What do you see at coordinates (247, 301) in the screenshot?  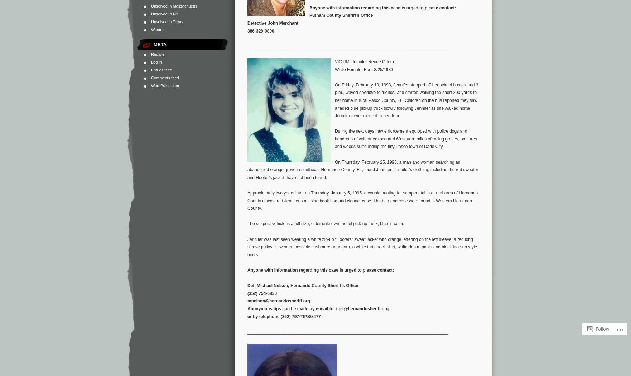 I see `'mnelson@hernandosheriff.org'` at bounding box center [247, 301].